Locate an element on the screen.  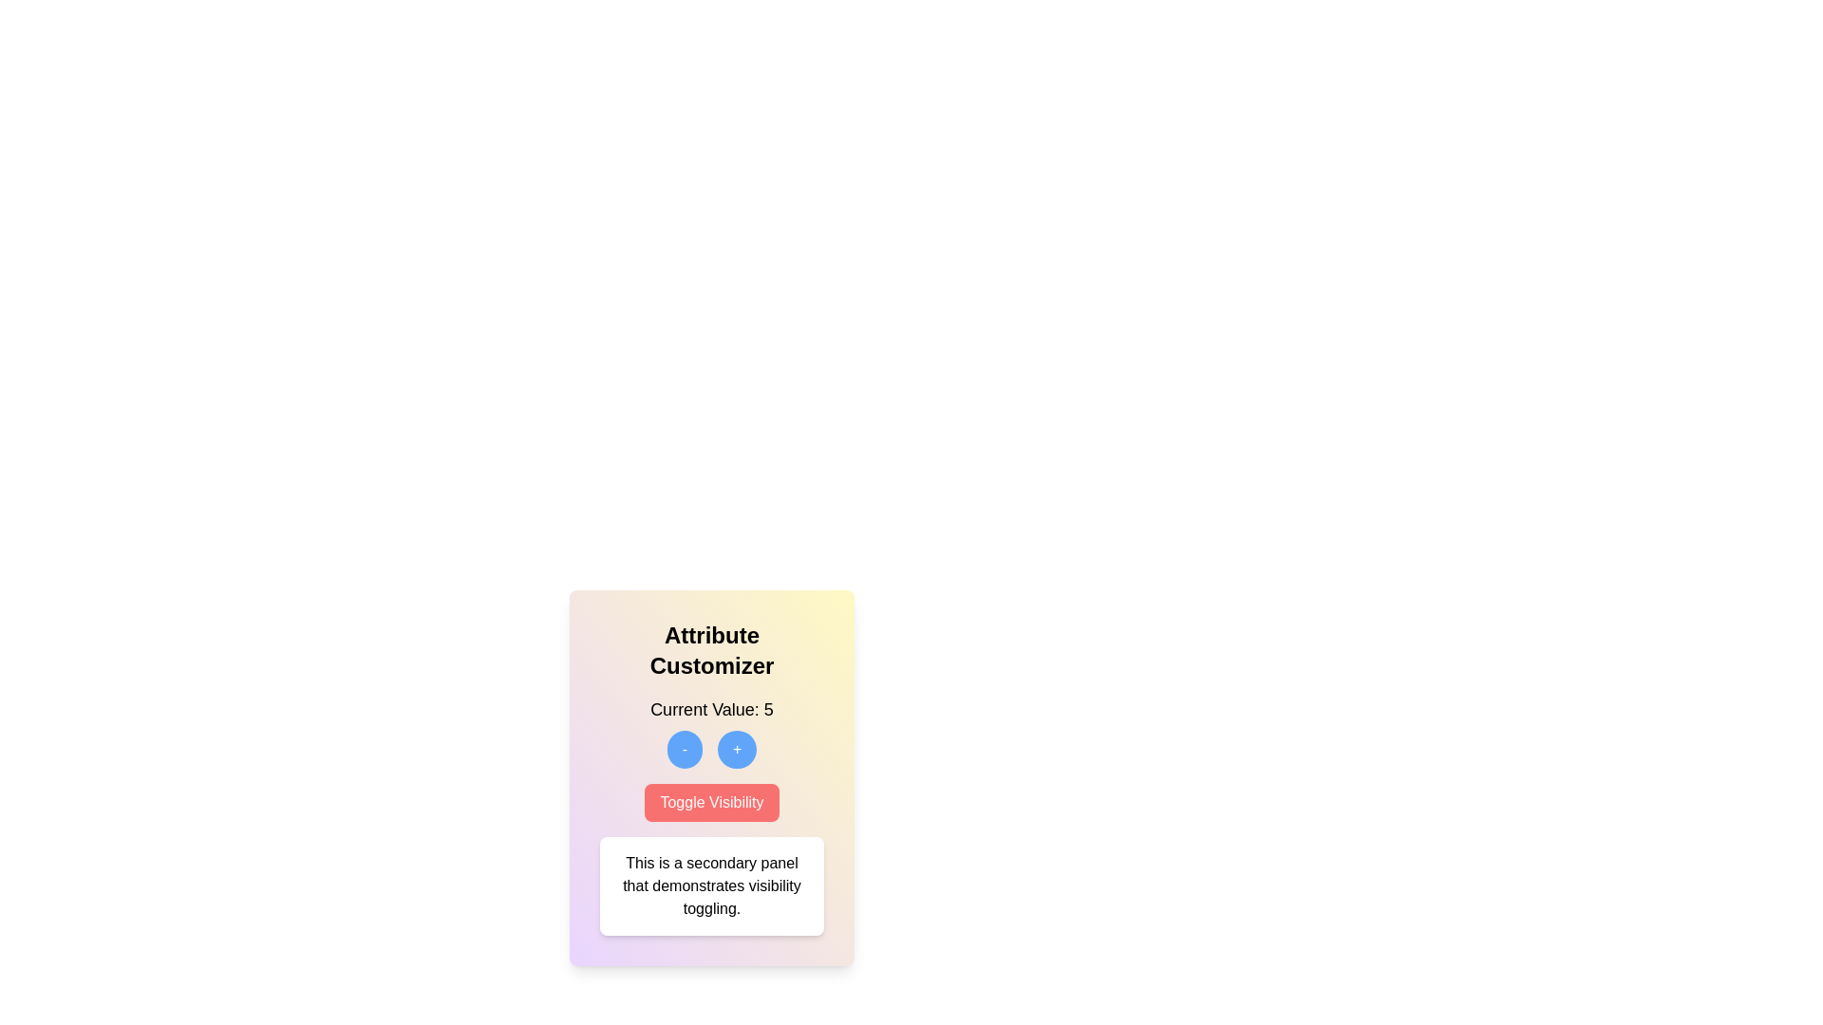
the red button labeled 'Toggle Visibility' is located at coordinates (710, 802).